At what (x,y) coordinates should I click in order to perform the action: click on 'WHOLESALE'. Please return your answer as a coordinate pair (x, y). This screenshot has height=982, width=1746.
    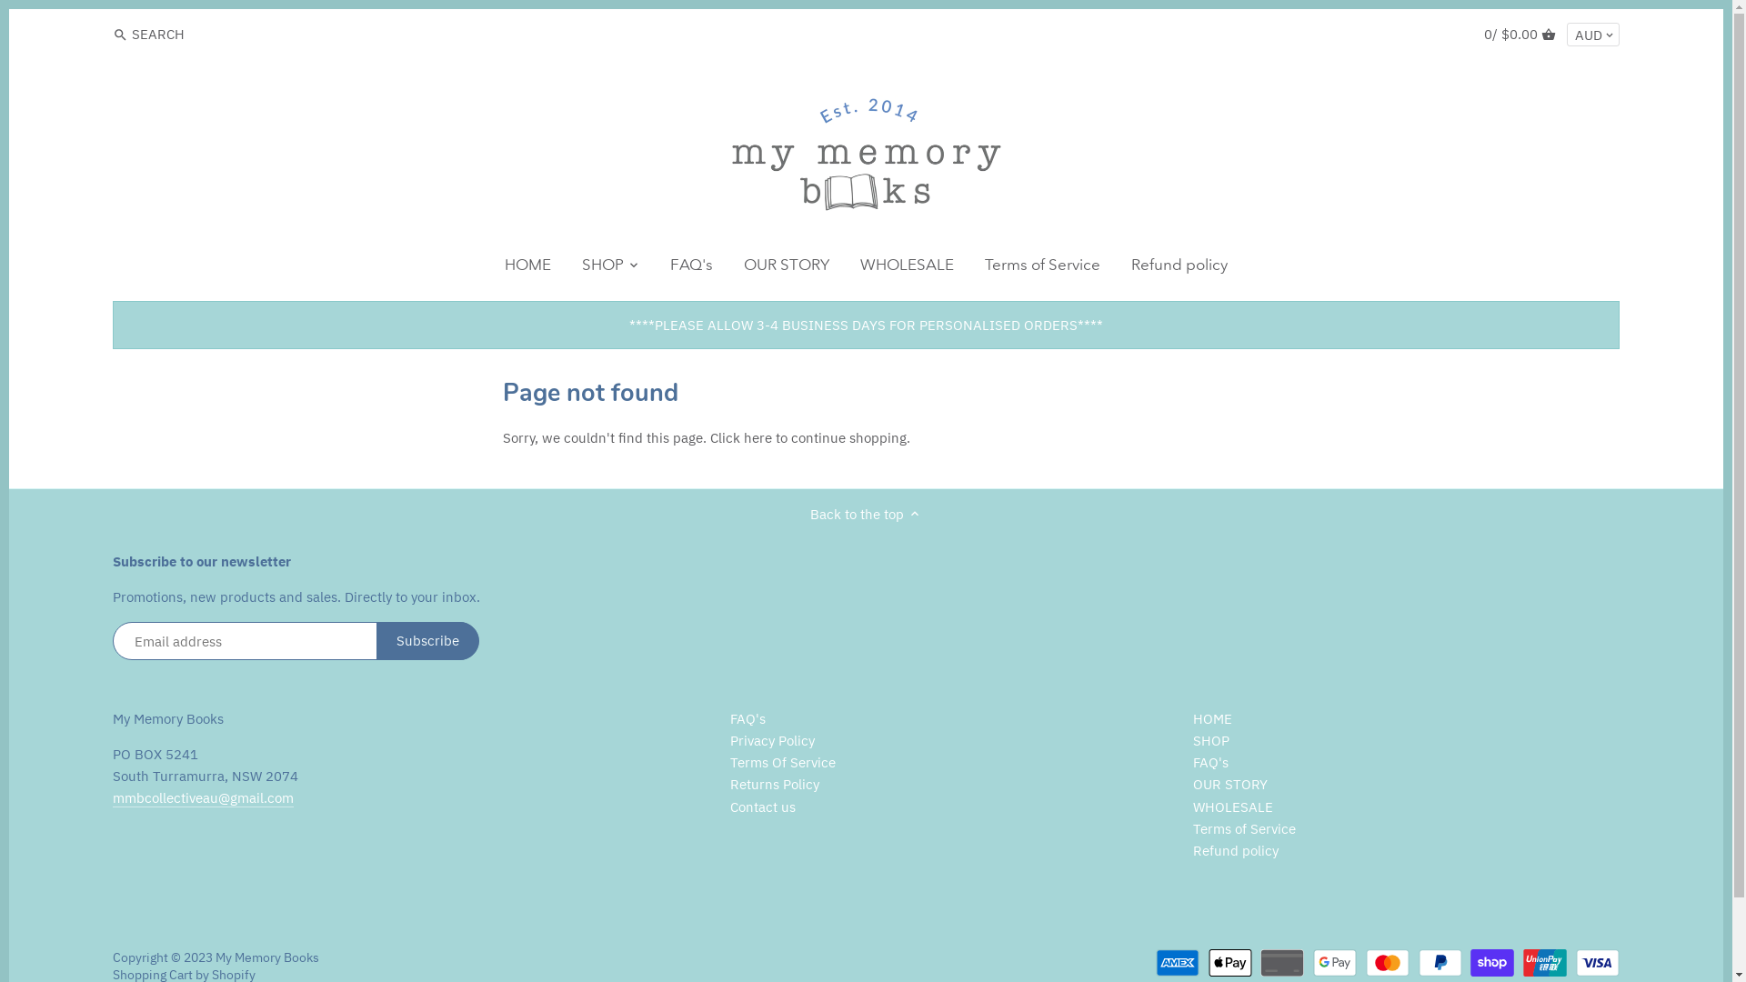
    Looking at the image, I should click on (907, 267).